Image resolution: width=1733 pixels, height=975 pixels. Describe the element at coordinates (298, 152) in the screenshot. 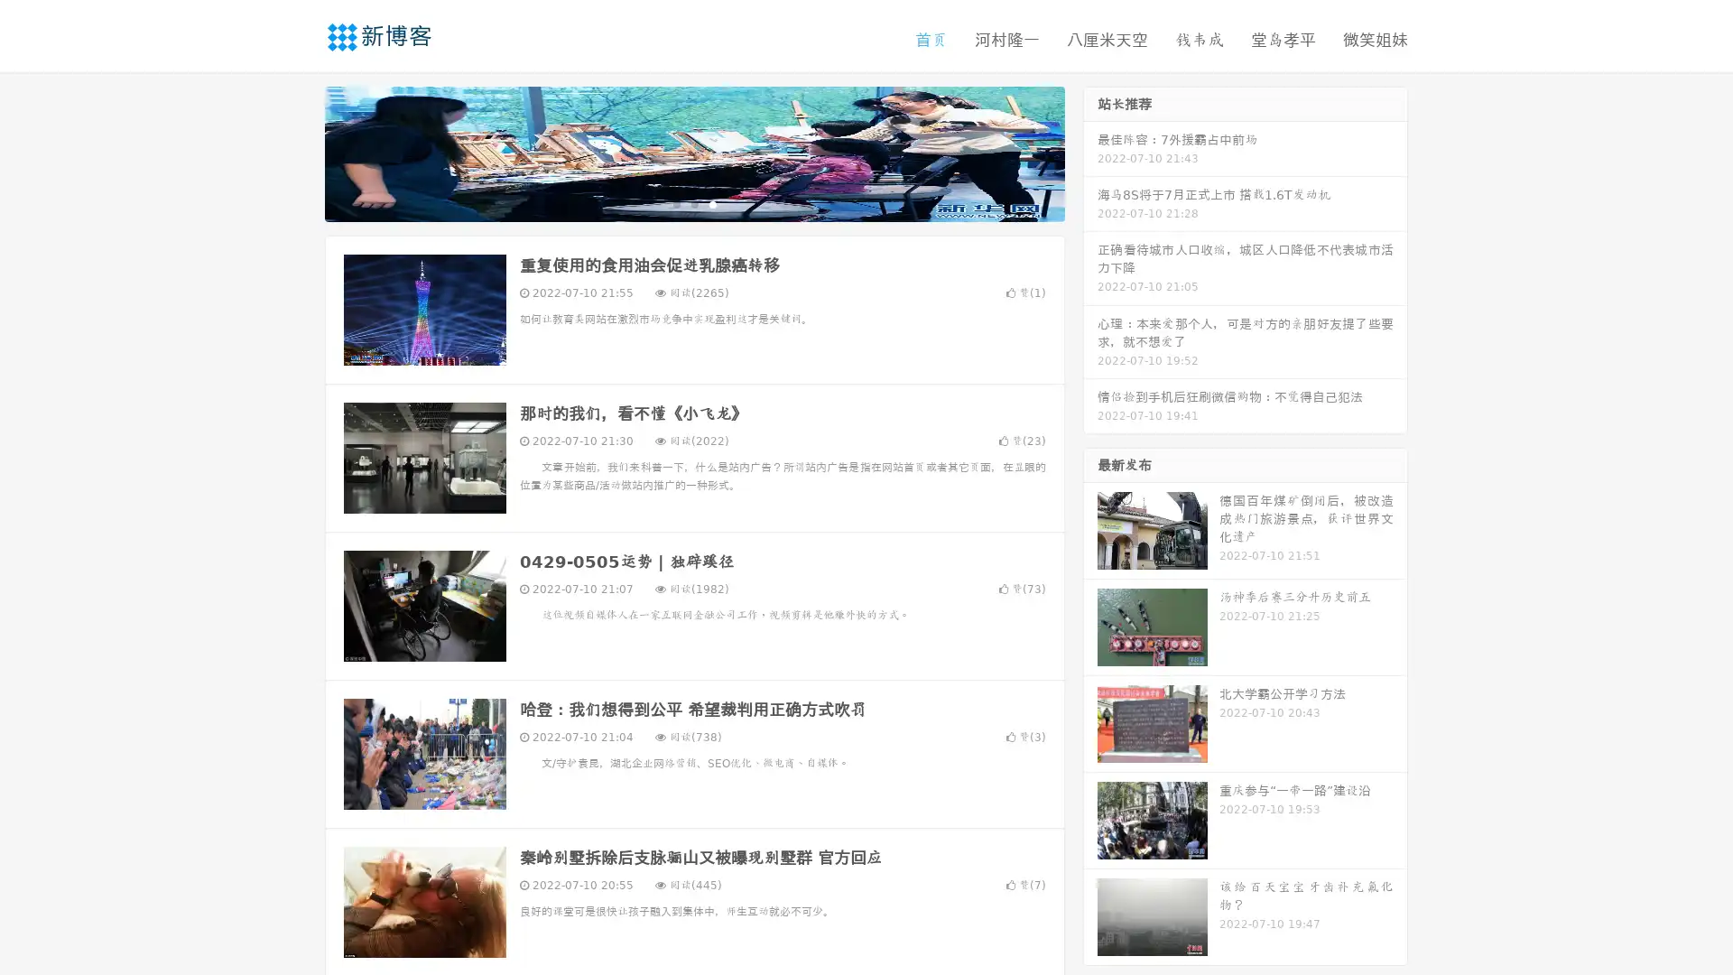

I see `Previous slide` at that location.